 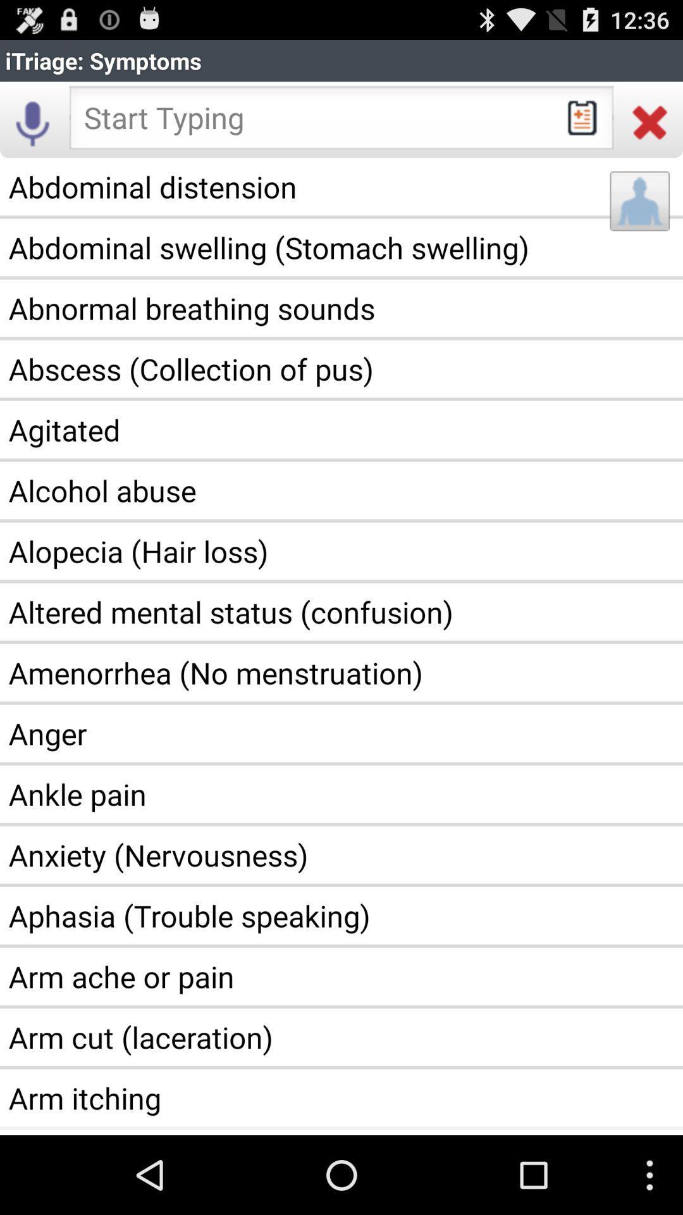 What do you see at coordinates (649, 130) in the screenshot?
I see `the close icon` at bounding box center [649, 130].